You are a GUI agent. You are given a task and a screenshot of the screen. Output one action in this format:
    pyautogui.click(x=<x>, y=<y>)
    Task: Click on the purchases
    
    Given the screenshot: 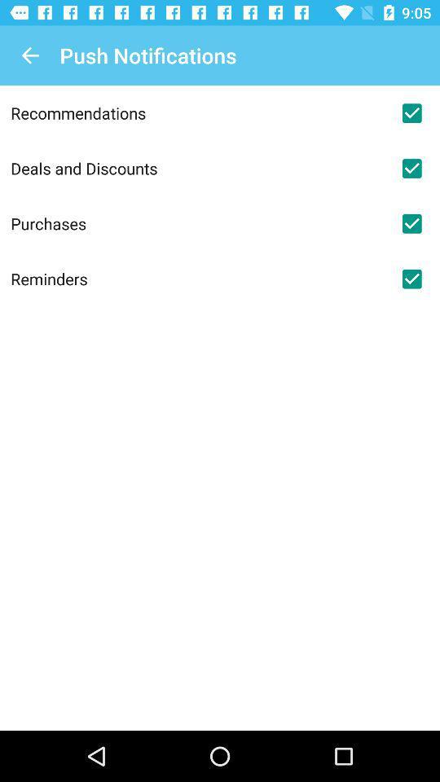 What is the action you would take?
    pyautogui.click(x=197, y=222)
    